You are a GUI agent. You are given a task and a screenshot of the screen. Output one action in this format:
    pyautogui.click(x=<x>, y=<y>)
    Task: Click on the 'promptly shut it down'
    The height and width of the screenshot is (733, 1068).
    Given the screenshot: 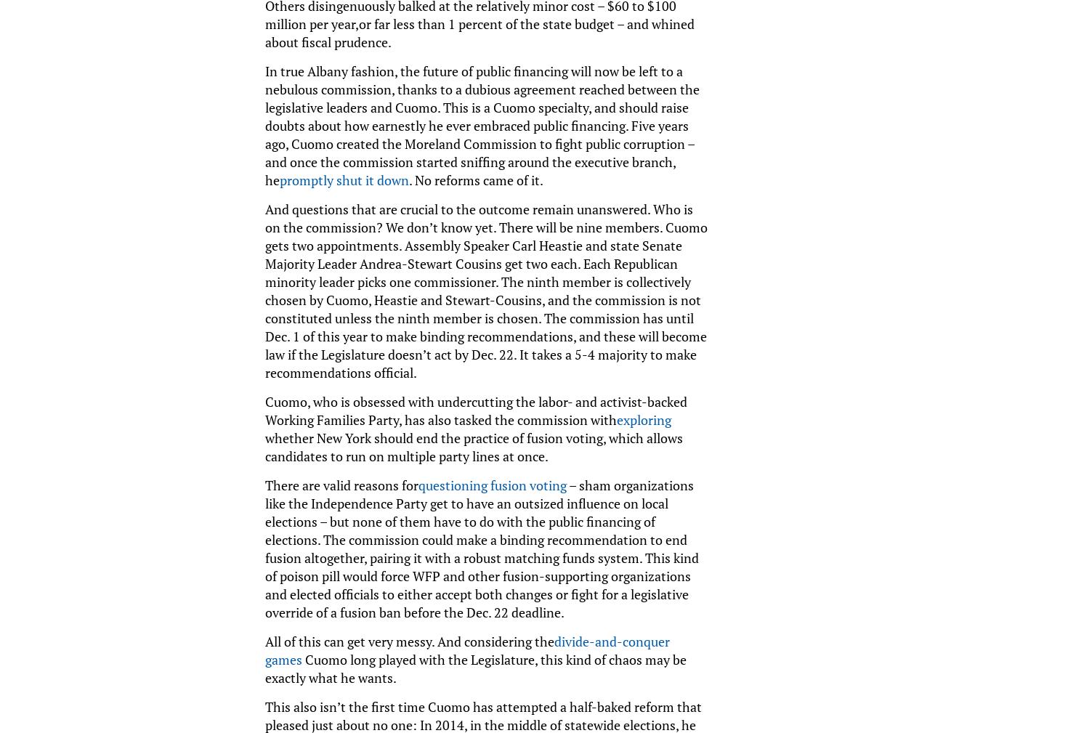 What is the action you would take?
    pyautogui.click(x=343, y=179)
    